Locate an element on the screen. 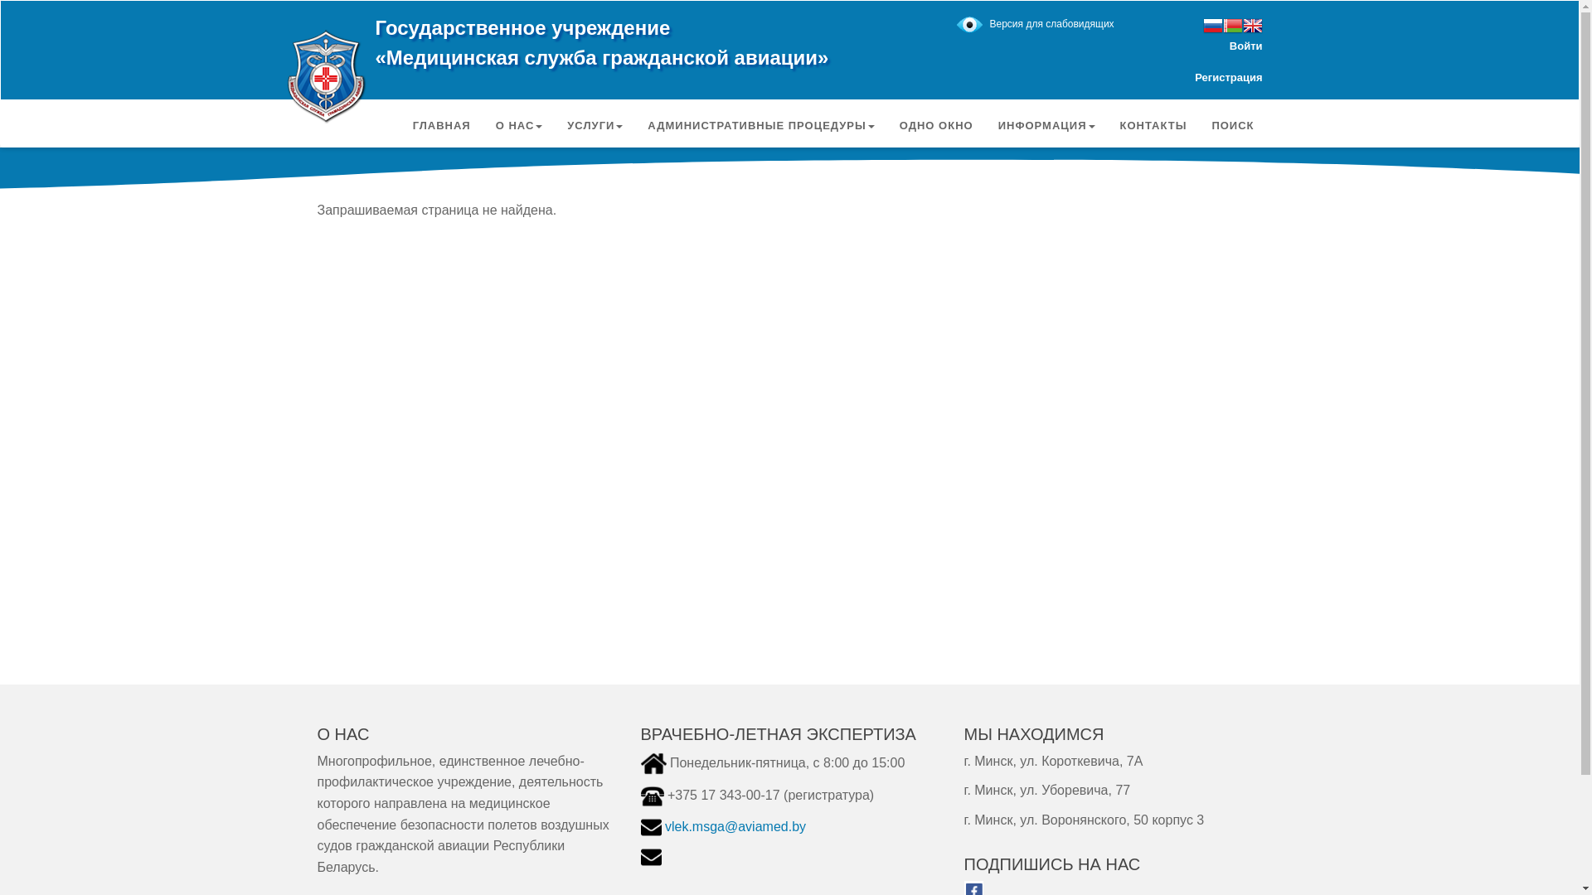 The height and width of the screenshot is (895, 1592). 'Russian' is located at coordinates (1212, 26).